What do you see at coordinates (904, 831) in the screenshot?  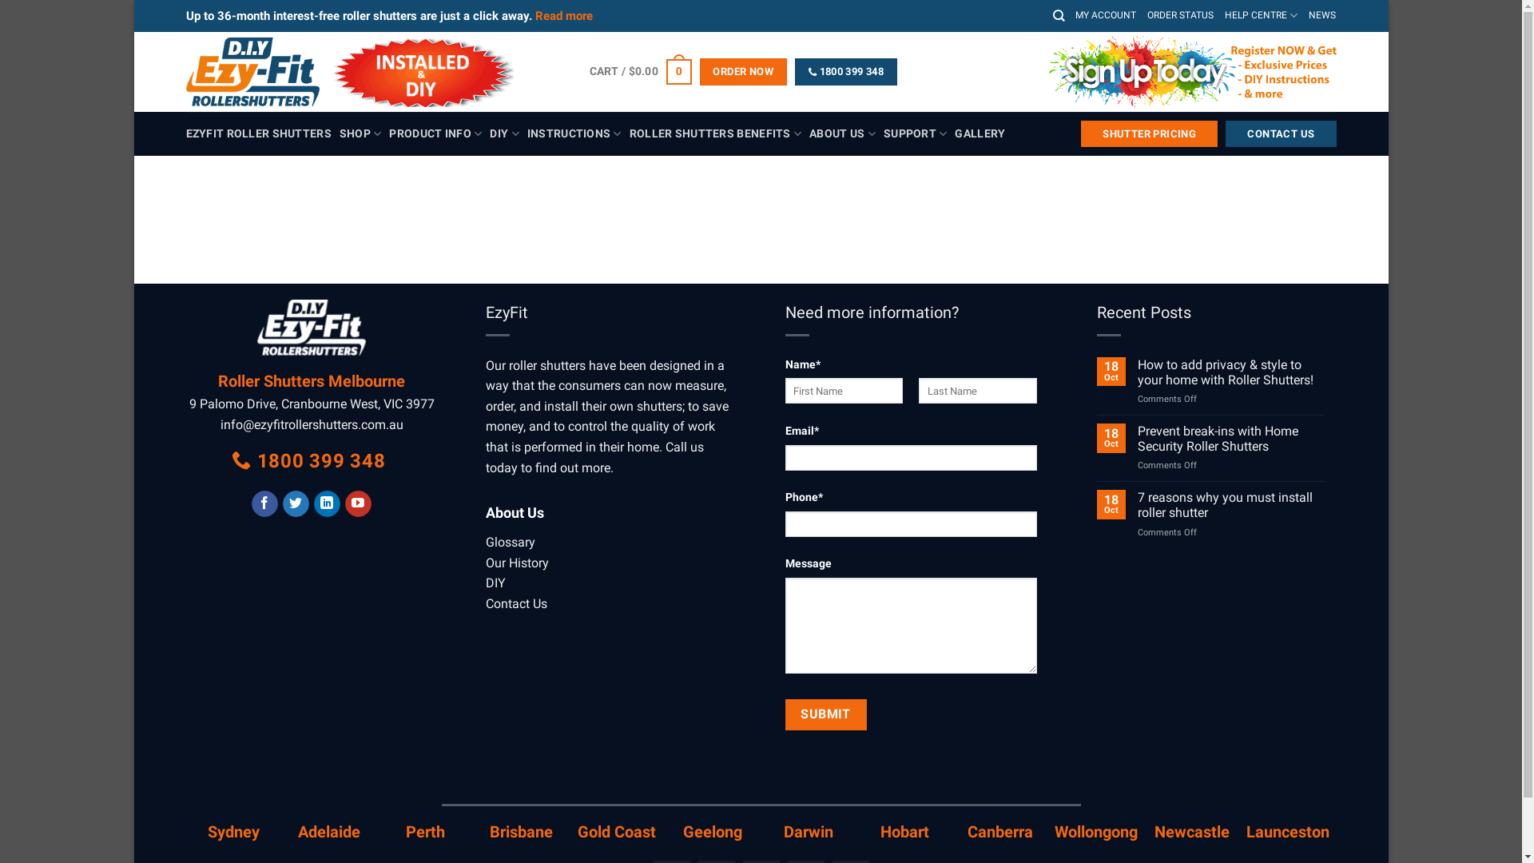 I see `'Hobart'` at bounding box center [904, 831].